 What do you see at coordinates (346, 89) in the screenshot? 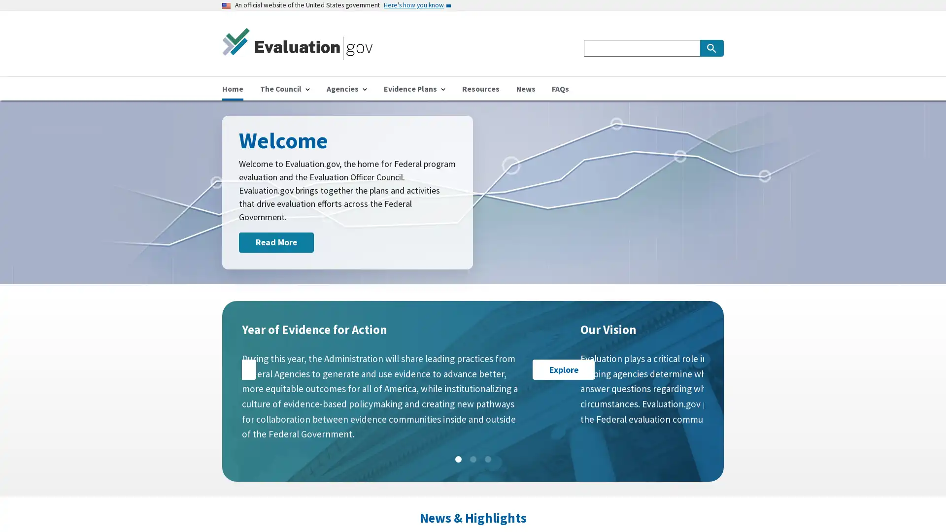
I see `Agencies` at bounding box center [346, 89].